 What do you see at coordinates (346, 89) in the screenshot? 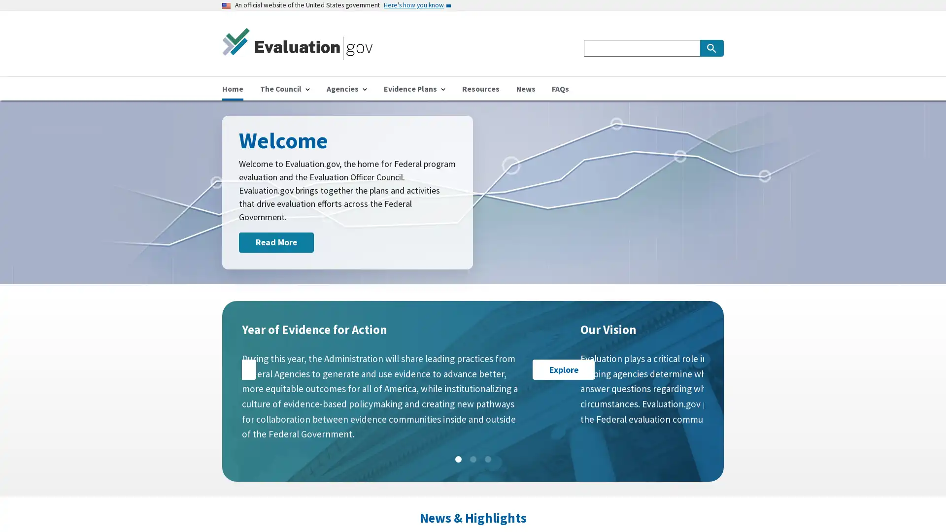
I see `Agencies` at bounding box center [346, 89].